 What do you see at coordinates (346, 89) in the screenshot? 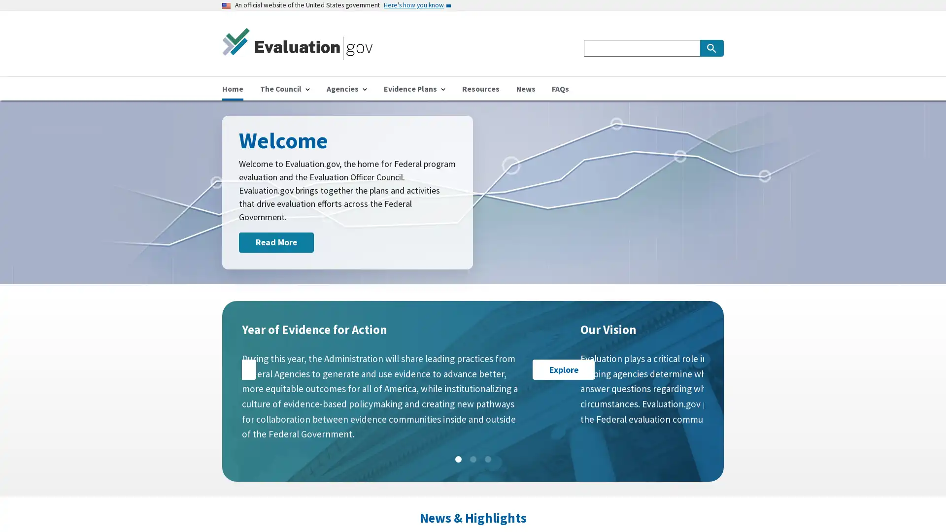
I see `Agencies` at bounding box center [346, 89].